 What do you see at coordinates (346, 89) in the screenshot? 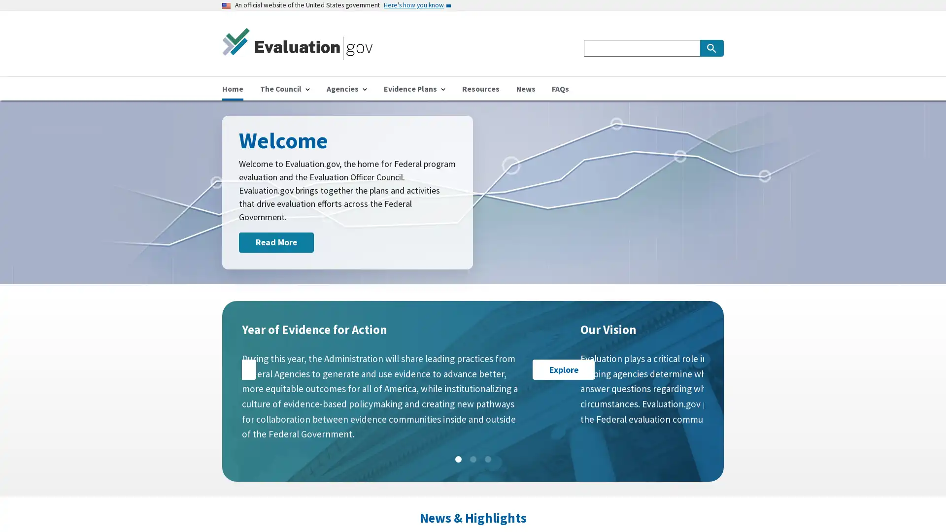
I see `Agencies` at bounding box center [346, 89].